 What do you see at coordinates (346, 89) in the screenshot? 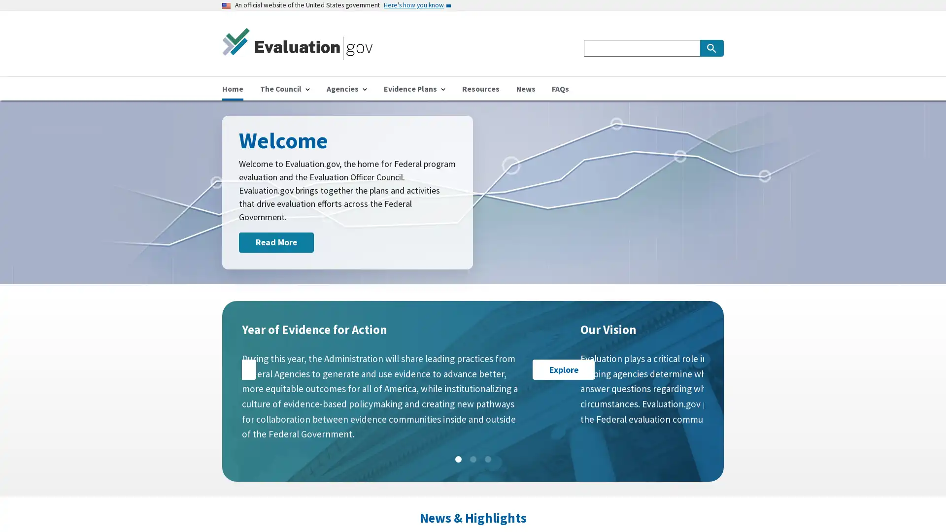
I see `Agencies` at bounding box center [346, 89].